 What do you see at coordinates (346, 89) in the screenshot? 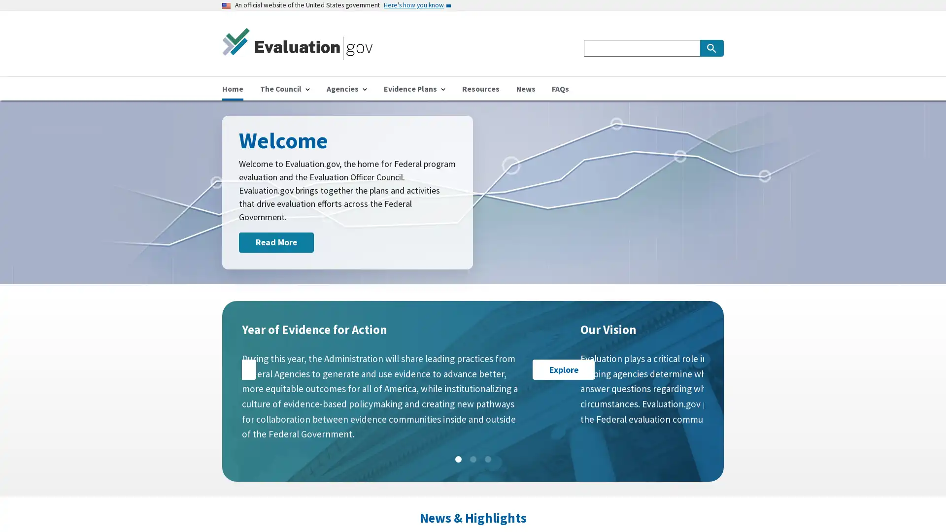
I see `Agencies` at bounding box center [346, 89].